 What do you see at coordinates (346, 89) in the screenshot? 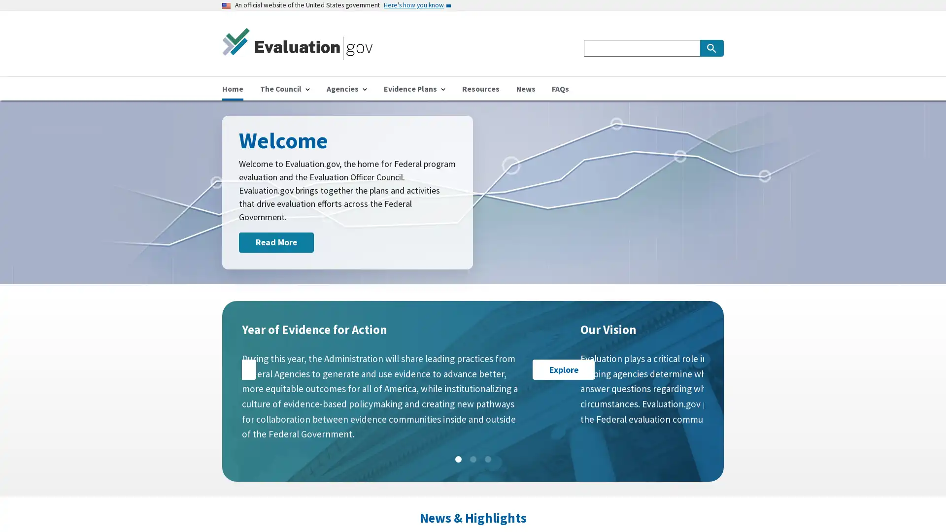
I see `Agencies` at bounding box center [346, 89].